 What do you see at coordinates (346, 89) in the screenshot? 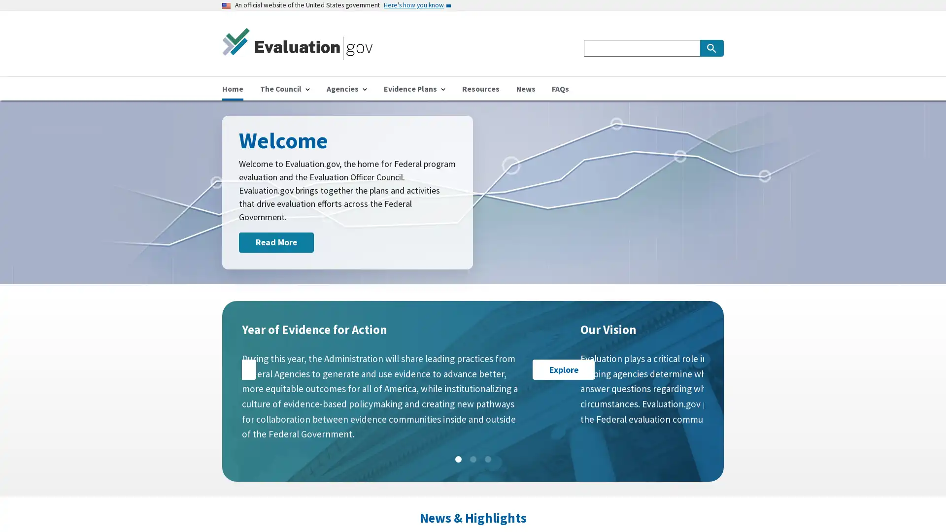
I see `Agencies` at bounding box center [346, 89].